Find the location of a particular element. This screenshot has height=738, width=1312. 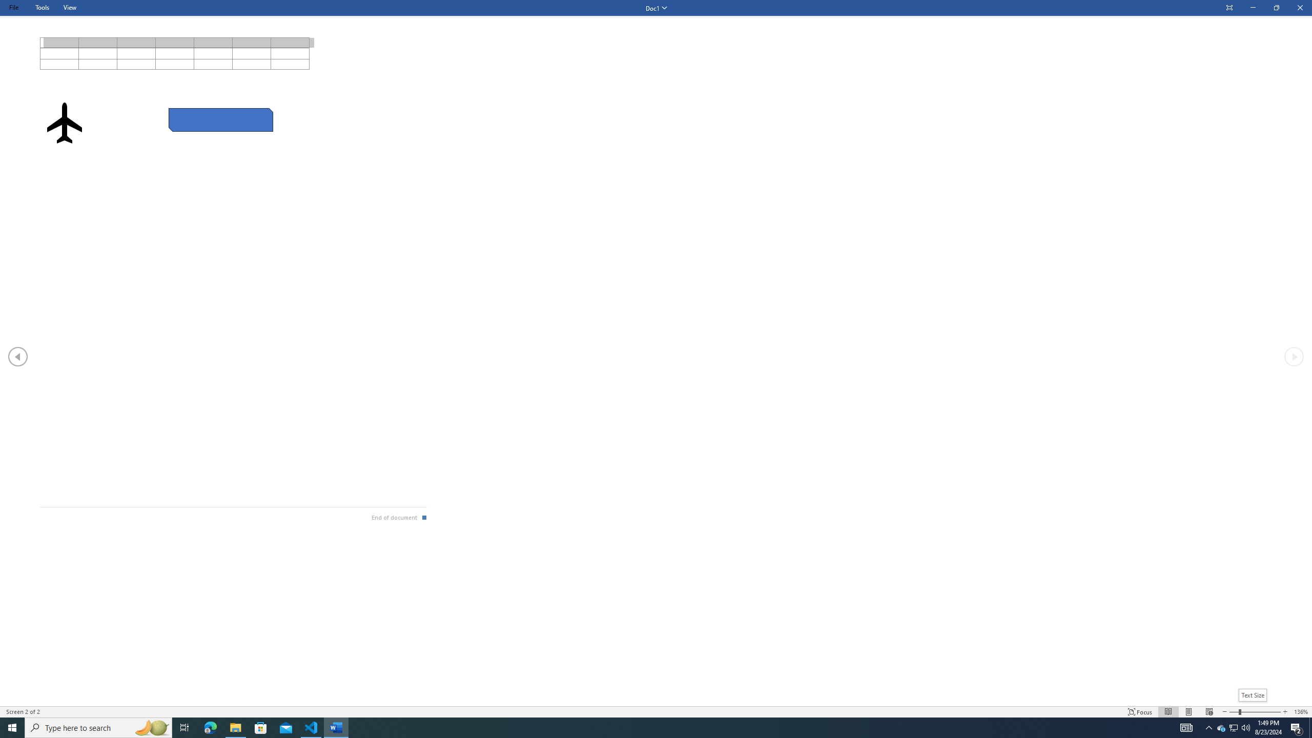

'Zoom Out' is located at coordinates (1233, 712).